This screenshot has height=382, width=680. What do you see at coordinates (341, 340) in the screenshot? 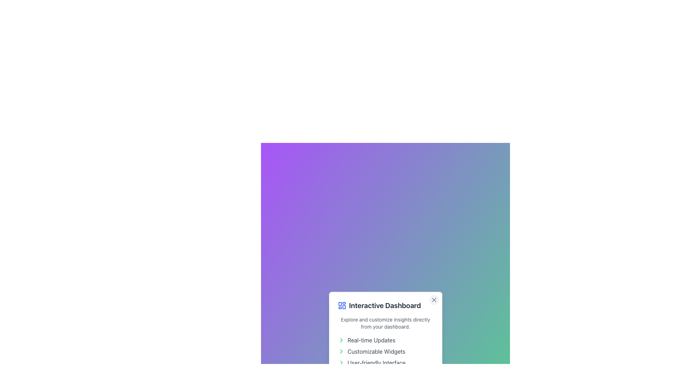
I see `the chevron icon to the left of the 'Real-time Updates' label` at bounding box center [341, 340].